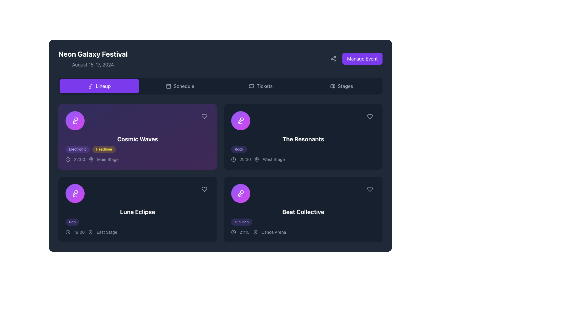  I want to click on text of the 'Hip Hop' label, which is a horizontally aligned tag with a violet rounded background located in the 'Beat Collective' card element, so click(303, 222).